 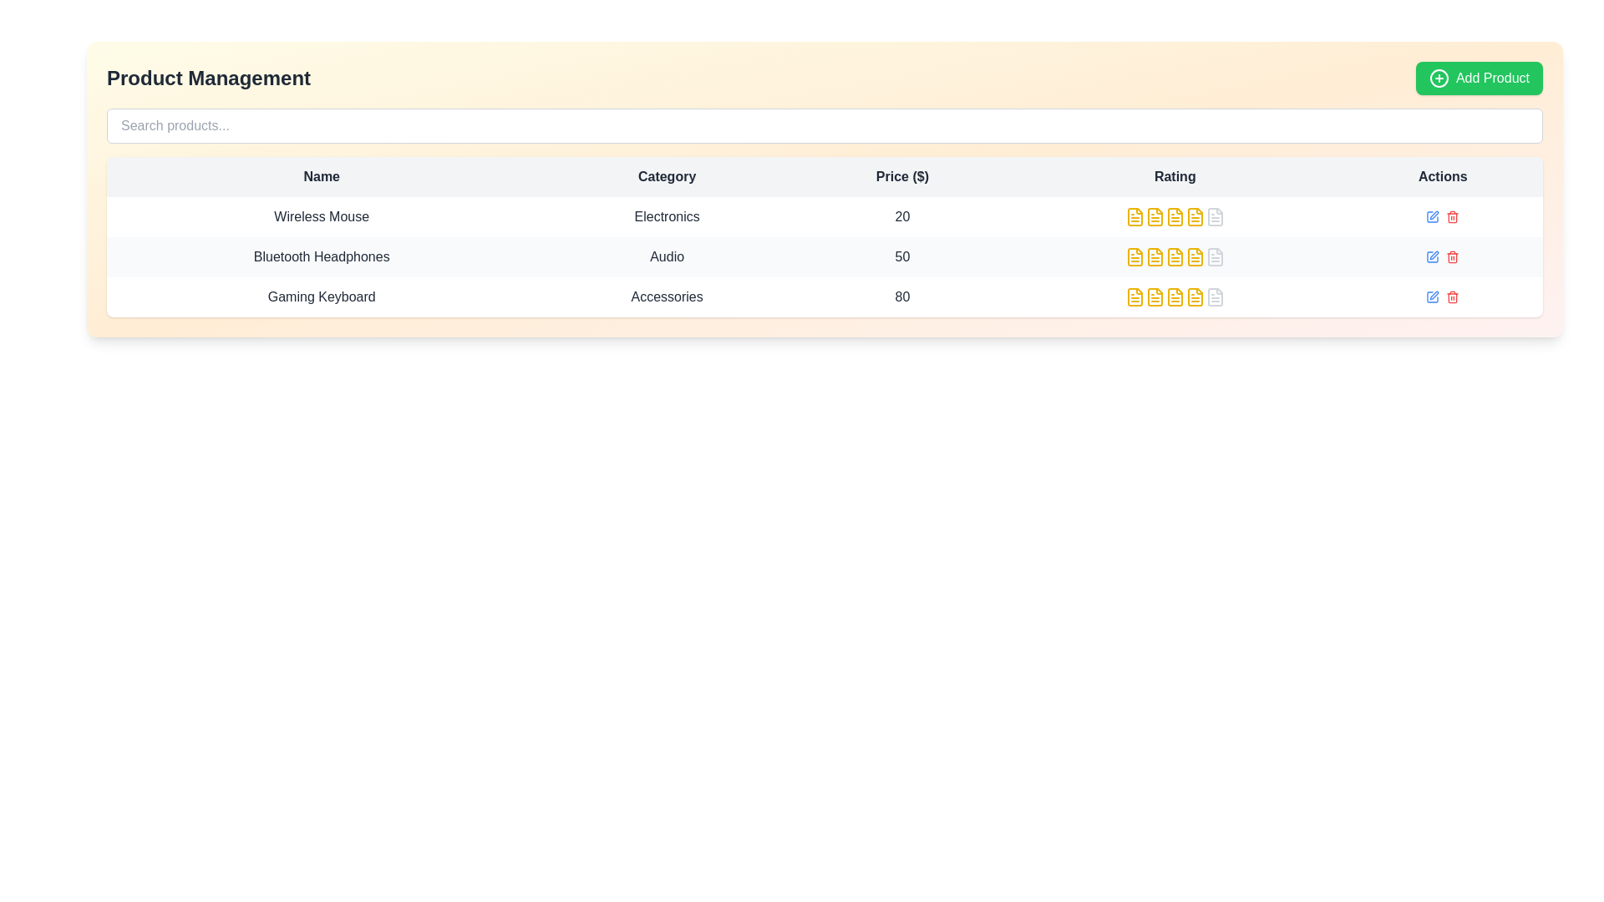 What do you see at coordinates (1432, 215) in the screenshot?
I see `the button in the 'Actions' column for the 'Gaming Keyboard' product entry` at bounding box center [1432, 215].